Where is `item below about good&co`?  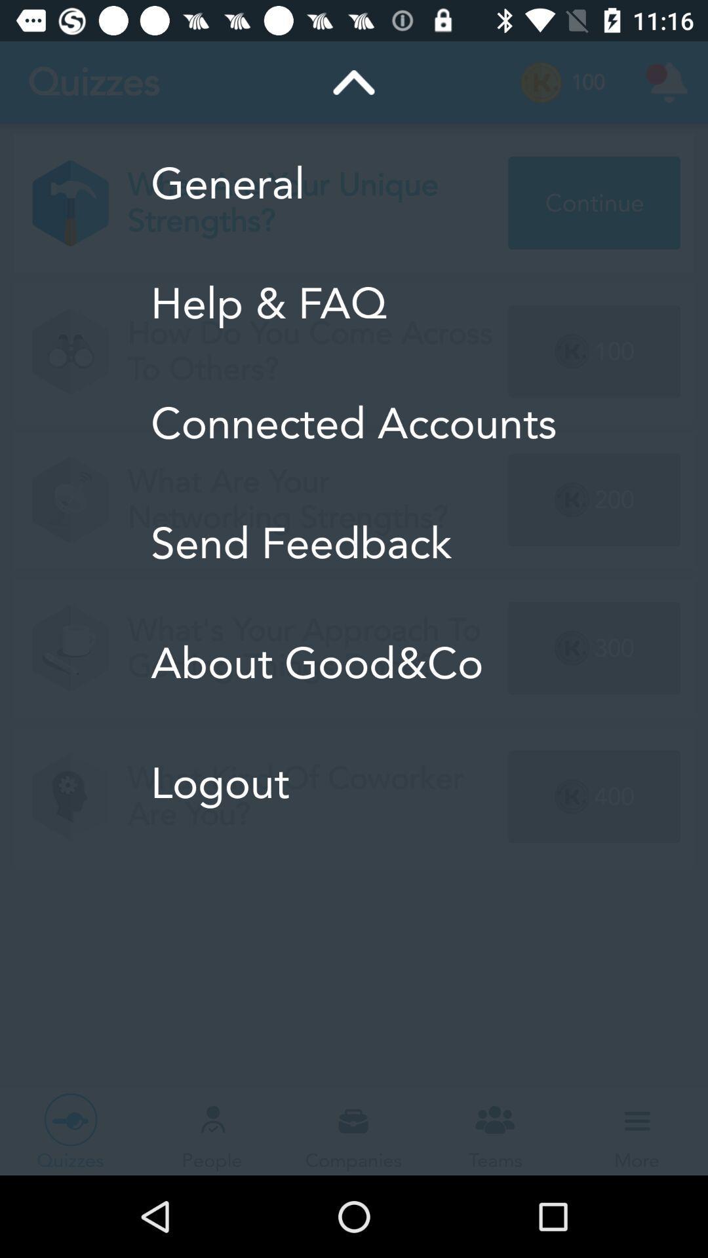
item below about good&co is located at coordinates (353, 783).